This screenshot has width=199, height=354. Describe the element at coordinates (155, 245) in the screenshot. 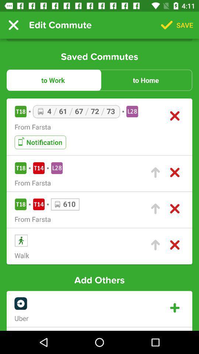

I see `start commuting` at that location.